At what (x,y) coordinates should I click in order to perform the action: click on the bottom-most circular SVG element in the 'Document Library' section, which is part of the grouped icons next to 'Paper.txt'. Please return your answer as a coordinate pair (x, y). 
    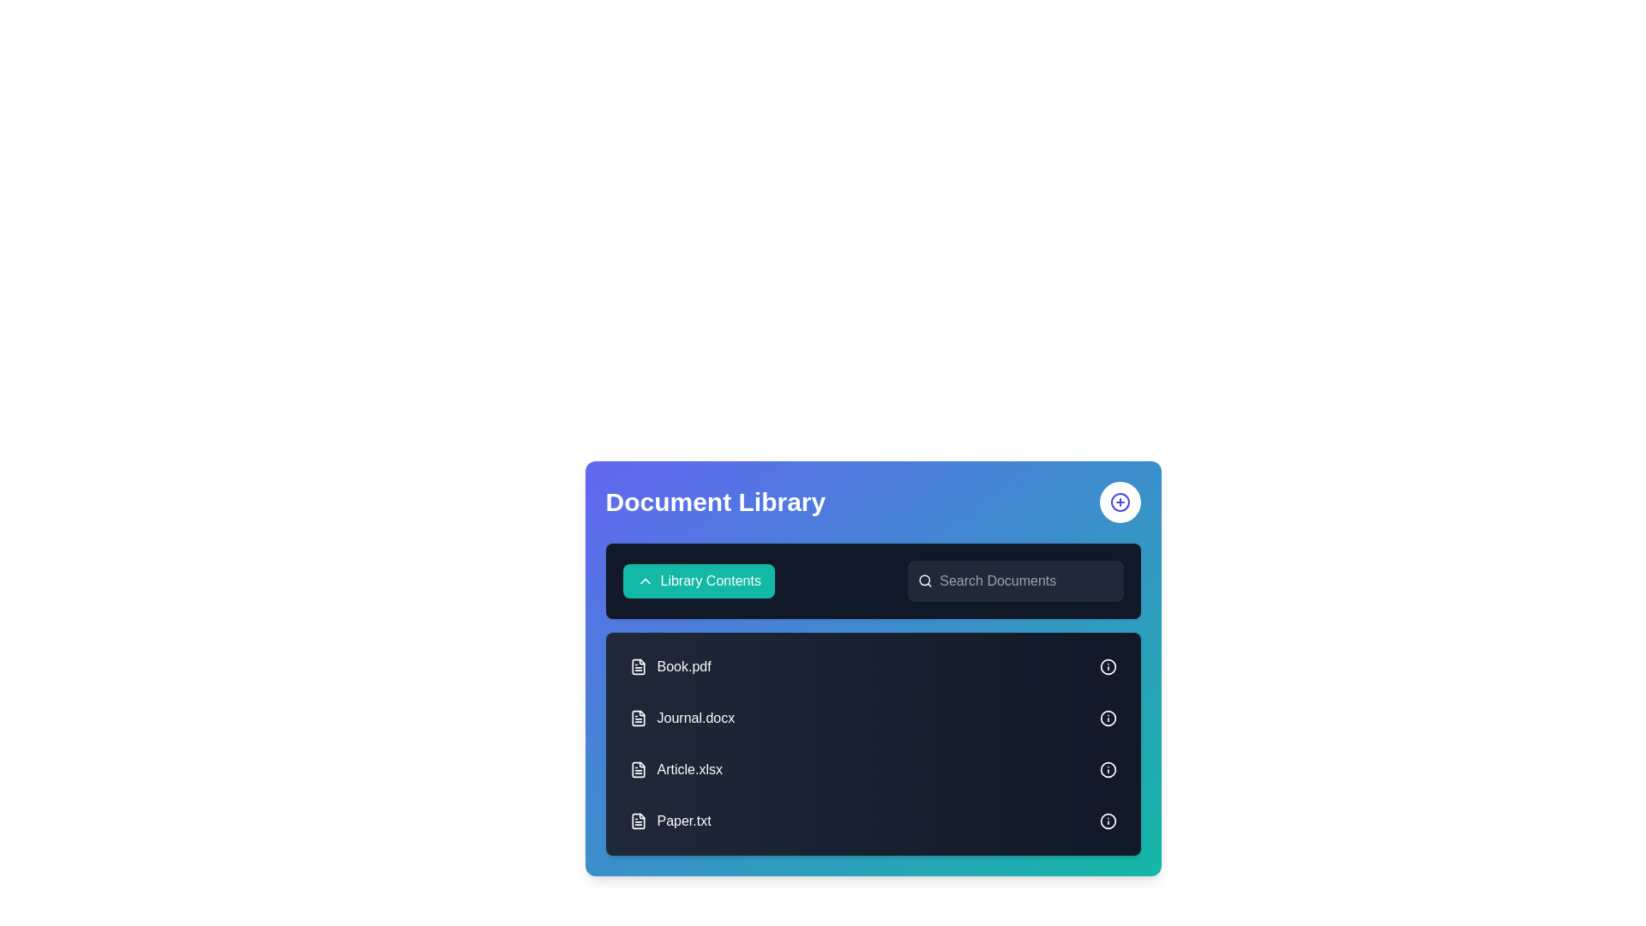
    Looking at the image, I should click on (1108, 820).